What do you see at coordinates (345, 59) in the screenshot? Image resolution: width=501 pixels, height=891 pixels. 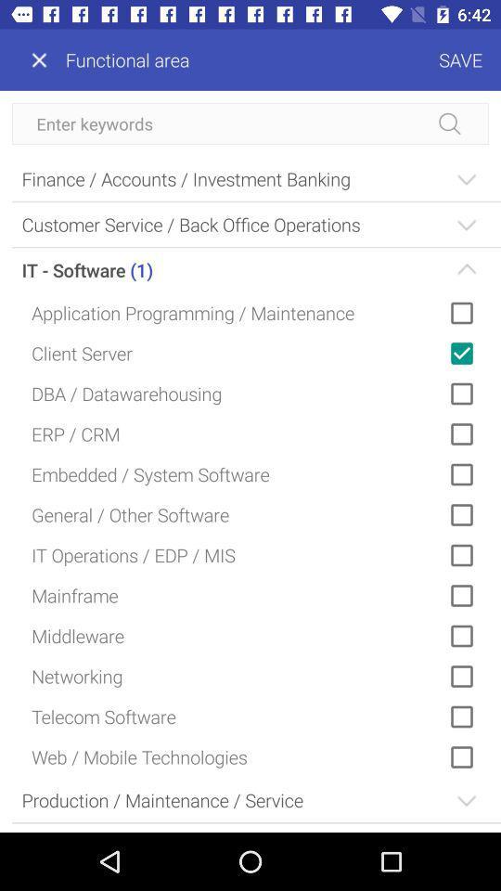 I see `the save` at bounding box center [345, 59].